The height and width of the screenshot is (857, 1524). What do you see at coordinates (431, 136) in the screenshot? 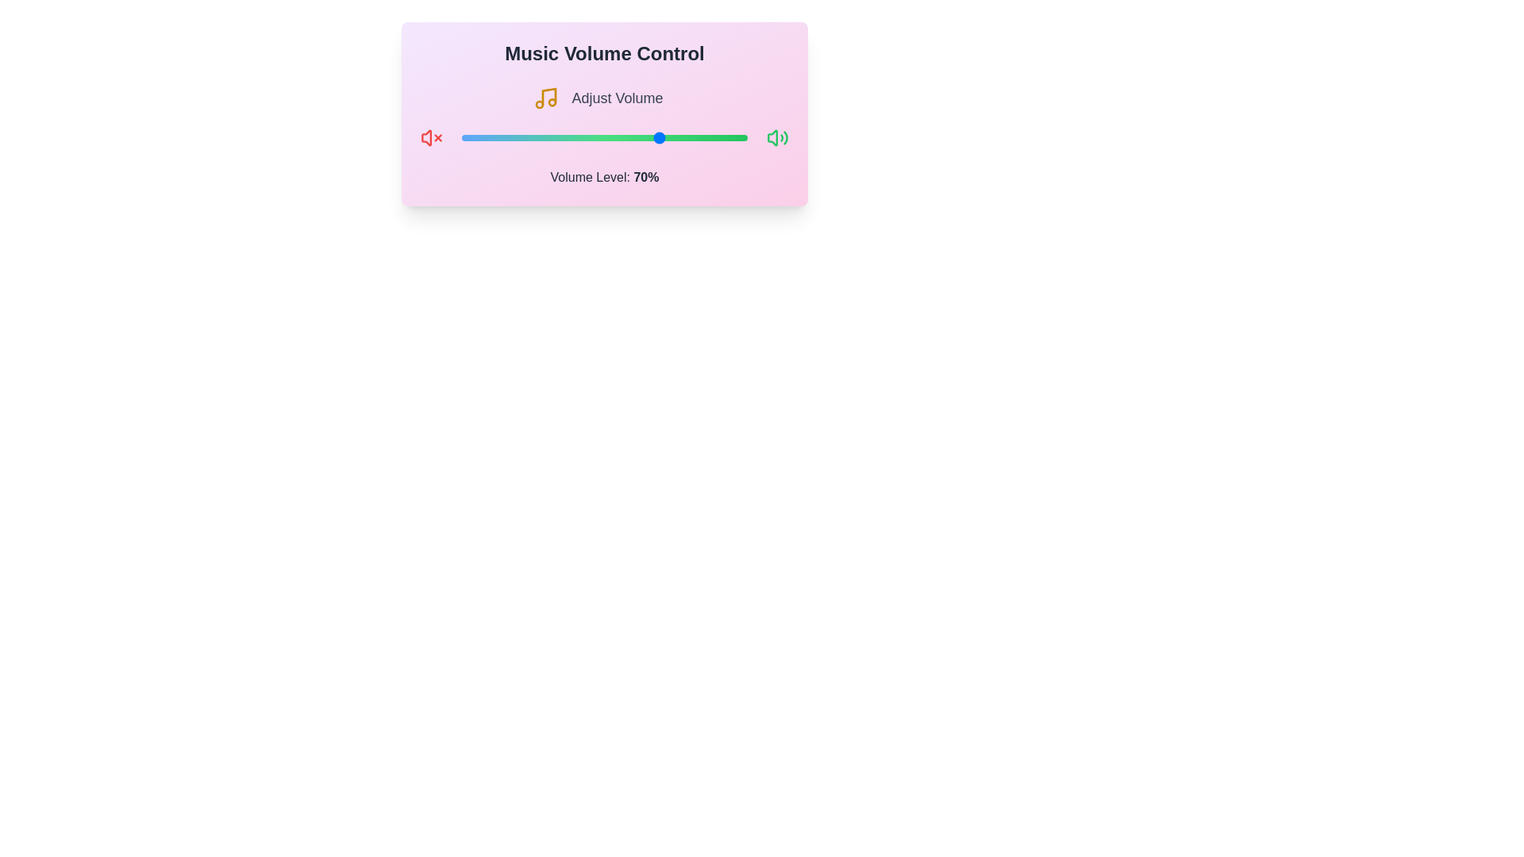
I see `the mute button to toggle the mute state` at bounding box center [431, 136].